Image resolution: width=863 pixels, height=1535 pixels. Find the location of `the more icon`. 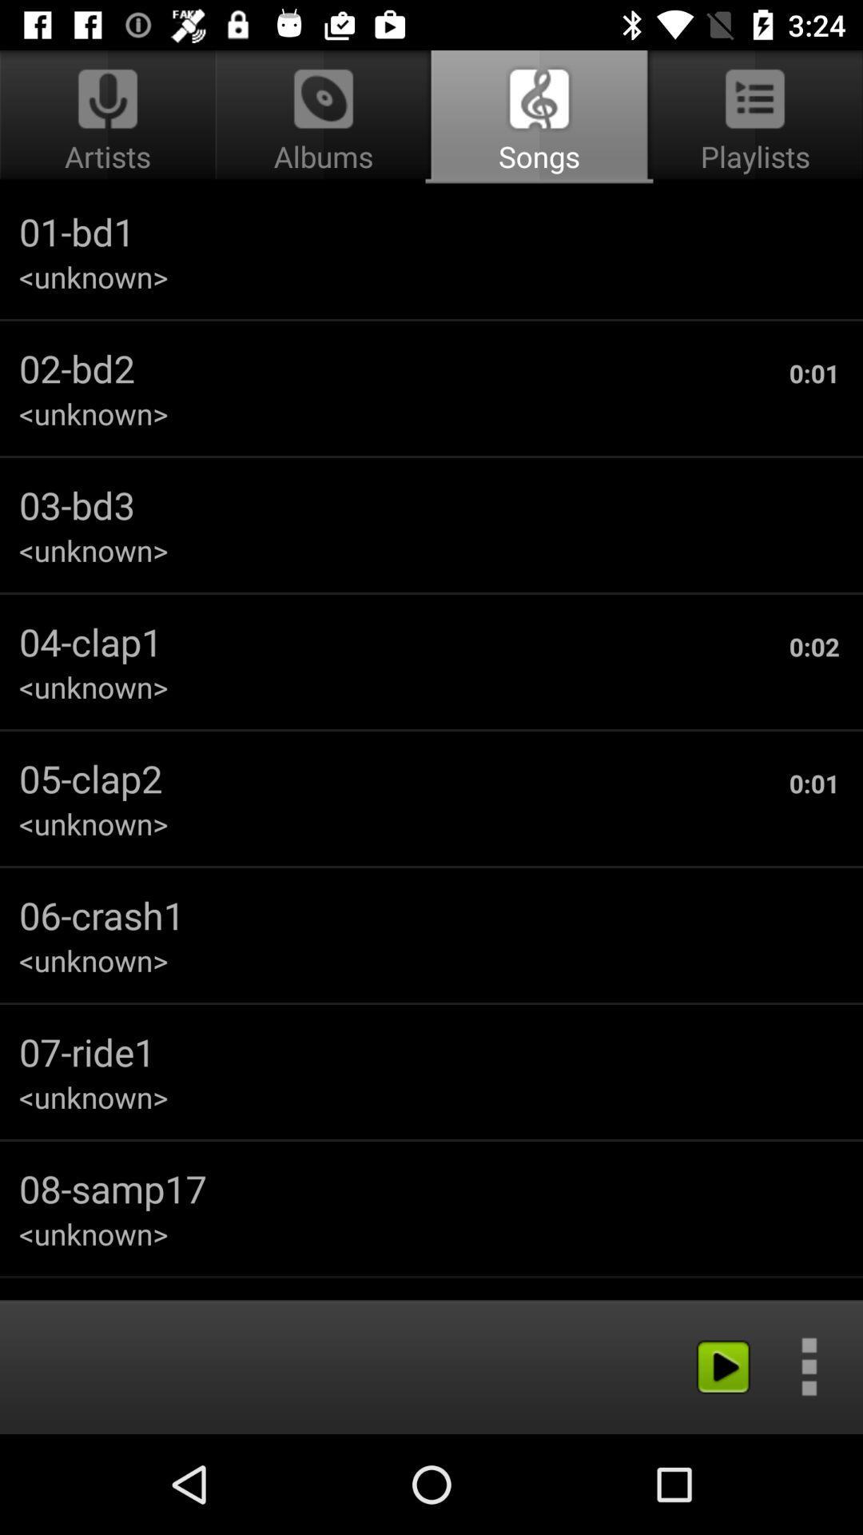

the more icon is located at coordinates (809, 1366).